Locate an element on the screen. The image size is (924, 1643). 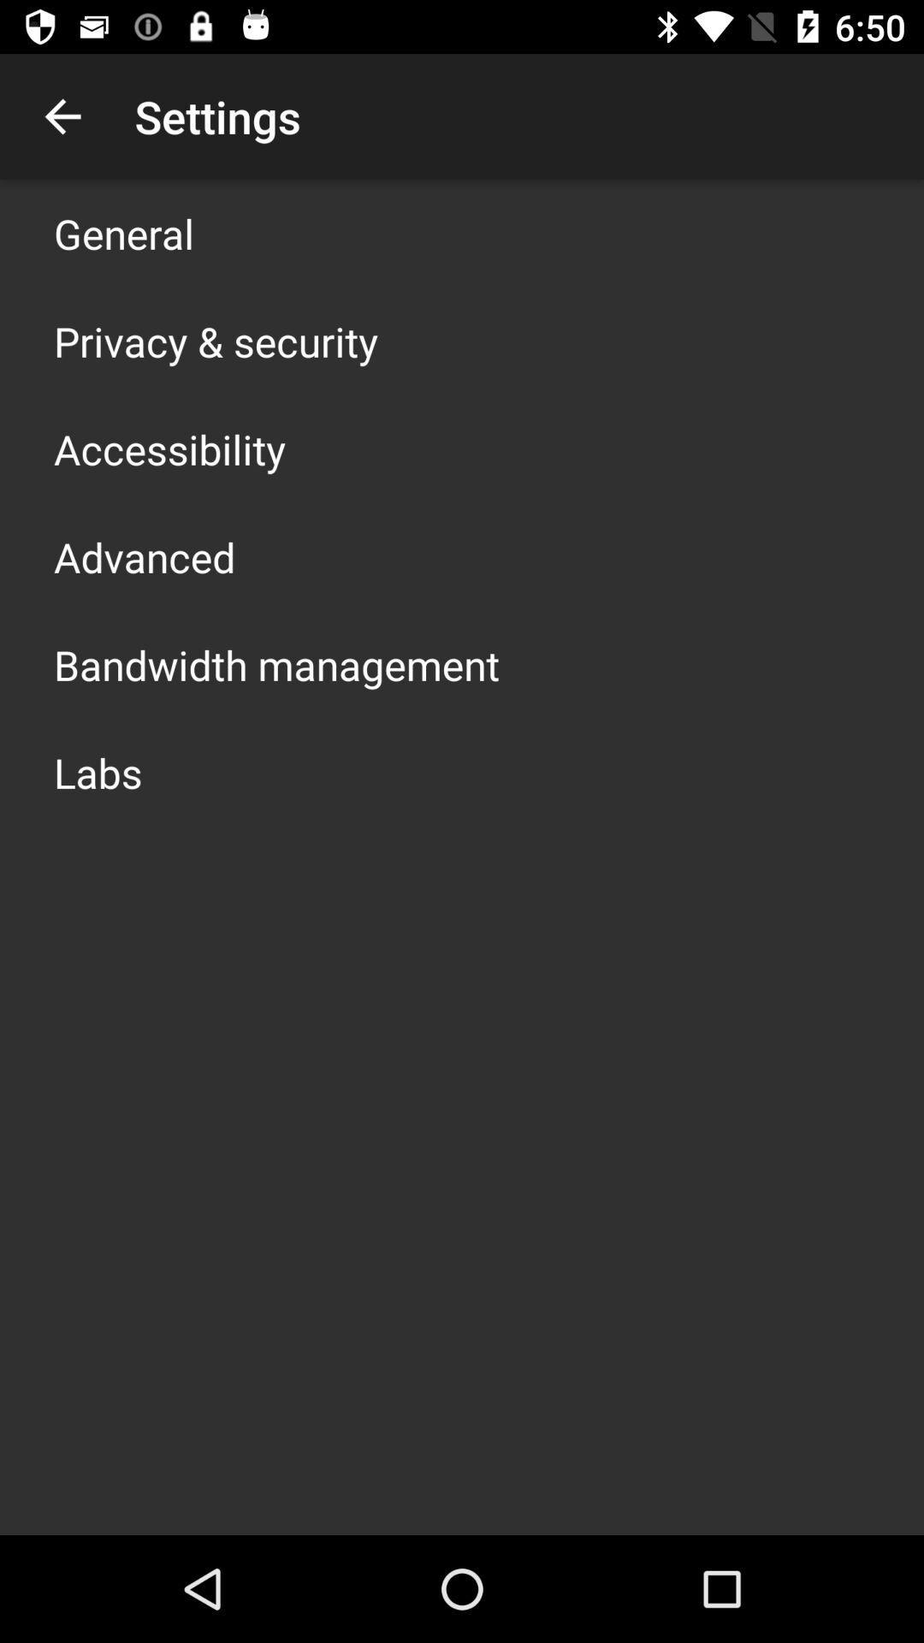
the bandwidth management app is located at coordinates (275, 664).